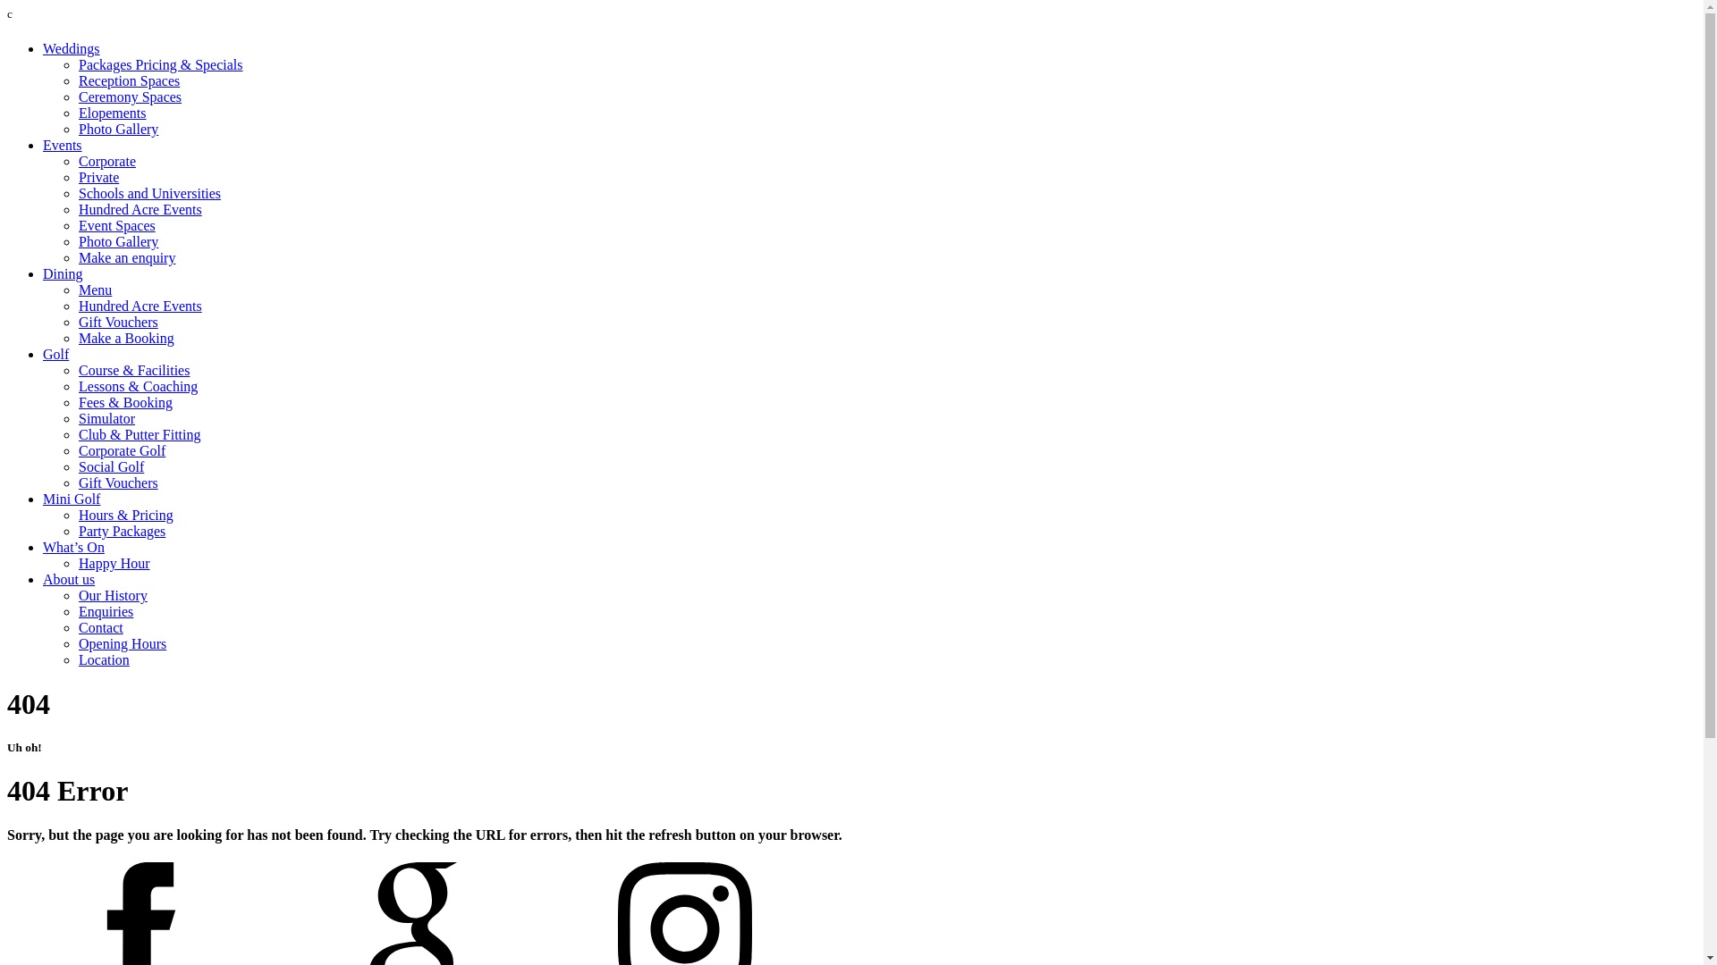 The width and height of the screenshot is (1717, 965). What do you see at coordinates (161, 63) in the screenshot?
I see `'Packages Pricing & Specials'` at bounding box center [161, 63].